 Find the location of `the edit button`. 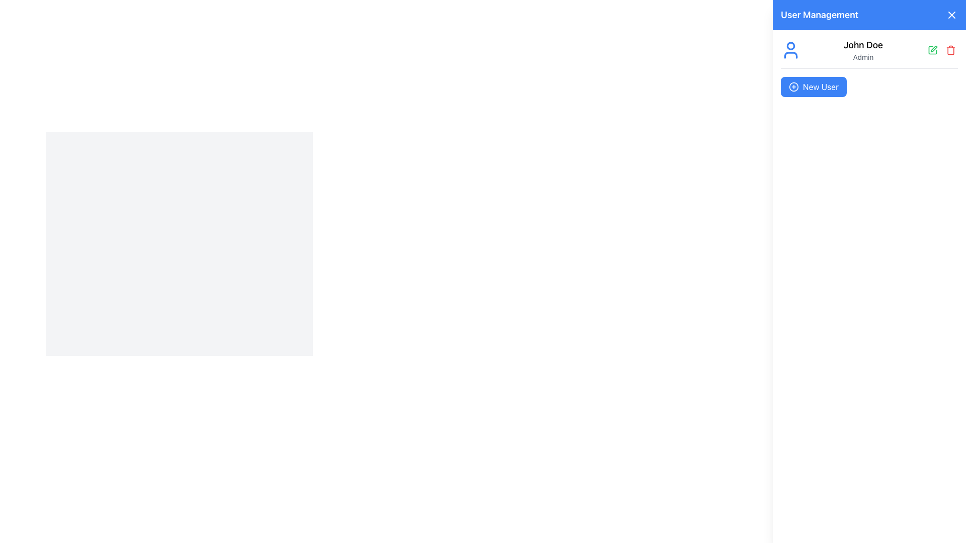

the edit button is located at coordinates (932, 50).